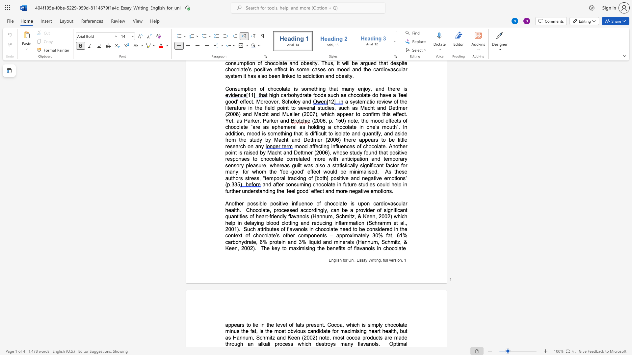 This screenshot has width=632, height=355. What do you see at coordinates (394, 331) in the screenshot?
I see `the subset text "h, but as Hannum, Schmitz and Keen (200" within the text "appears to lie in the level of fats present. Cocoa, which is simply chocolate minus the fat, is the most obvious candidate for maximising heart health, but as Hannum, Schmitz and Keen (2002) note, most cocoa products are made through an alkali process which destroys many flavanols"` at bounding box center [394, 331].